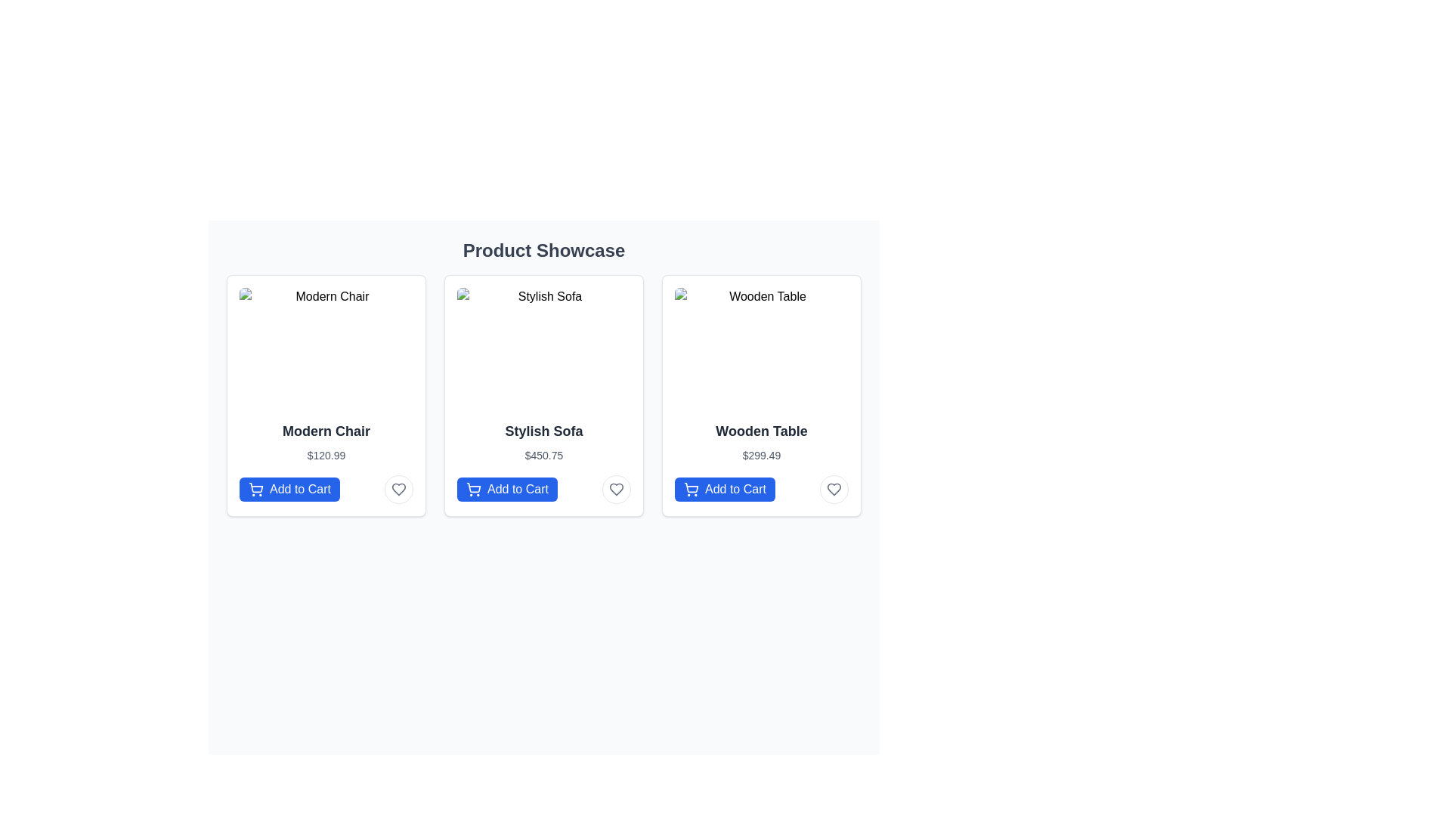 The image size is (1451, 816). Describe the element at coordinates (473, 490) in the screenshot. I see `the 'Add to Cart' button which includes the icon representing the action of adding the product to the shopping cart, located just below the 'Stylish Sofa' product description` at that location.